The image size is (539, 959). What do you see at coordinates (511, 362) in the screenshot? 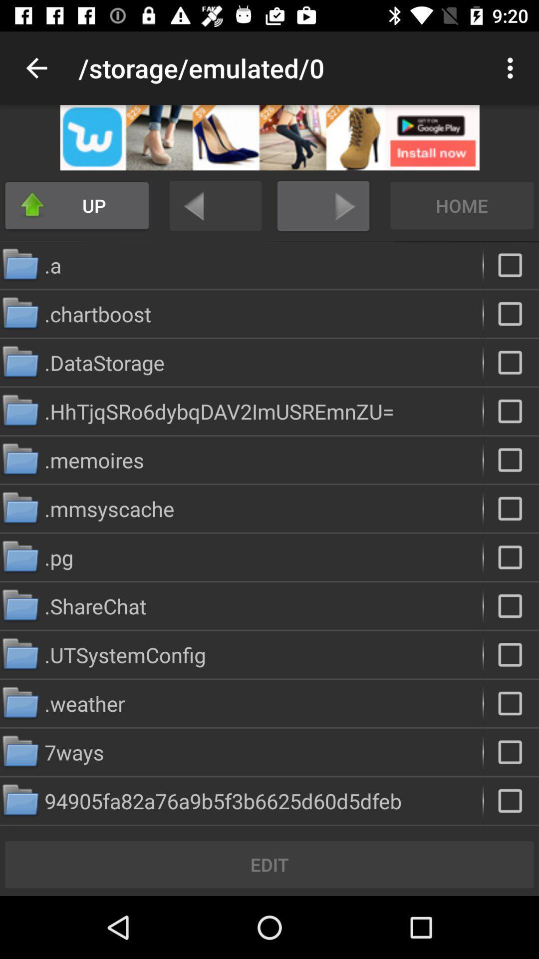
I see `choose a folder` at bounding box center [511, 362].